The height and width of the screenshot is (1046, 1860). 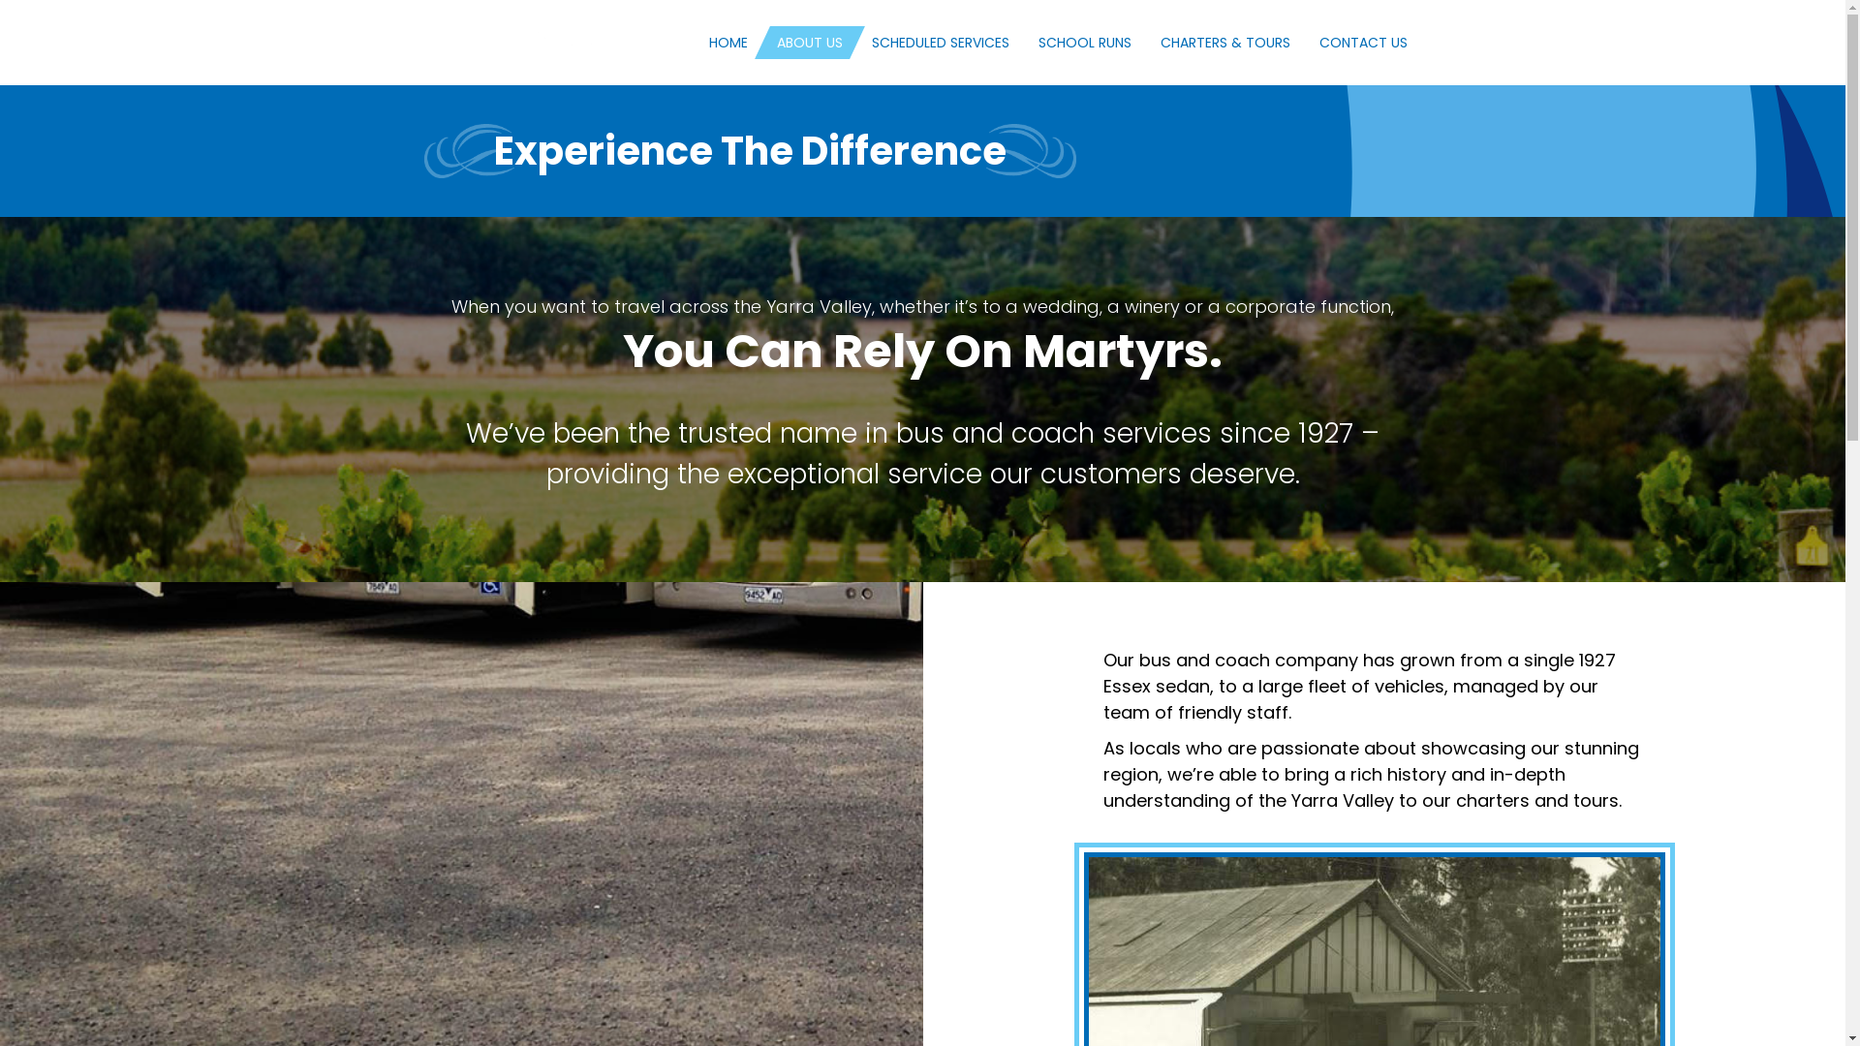 What do you see at coordinates (933, 42) in the screenshot?
I see `'SCHEDULED SERVICES'` at bounding box center [933, 42].